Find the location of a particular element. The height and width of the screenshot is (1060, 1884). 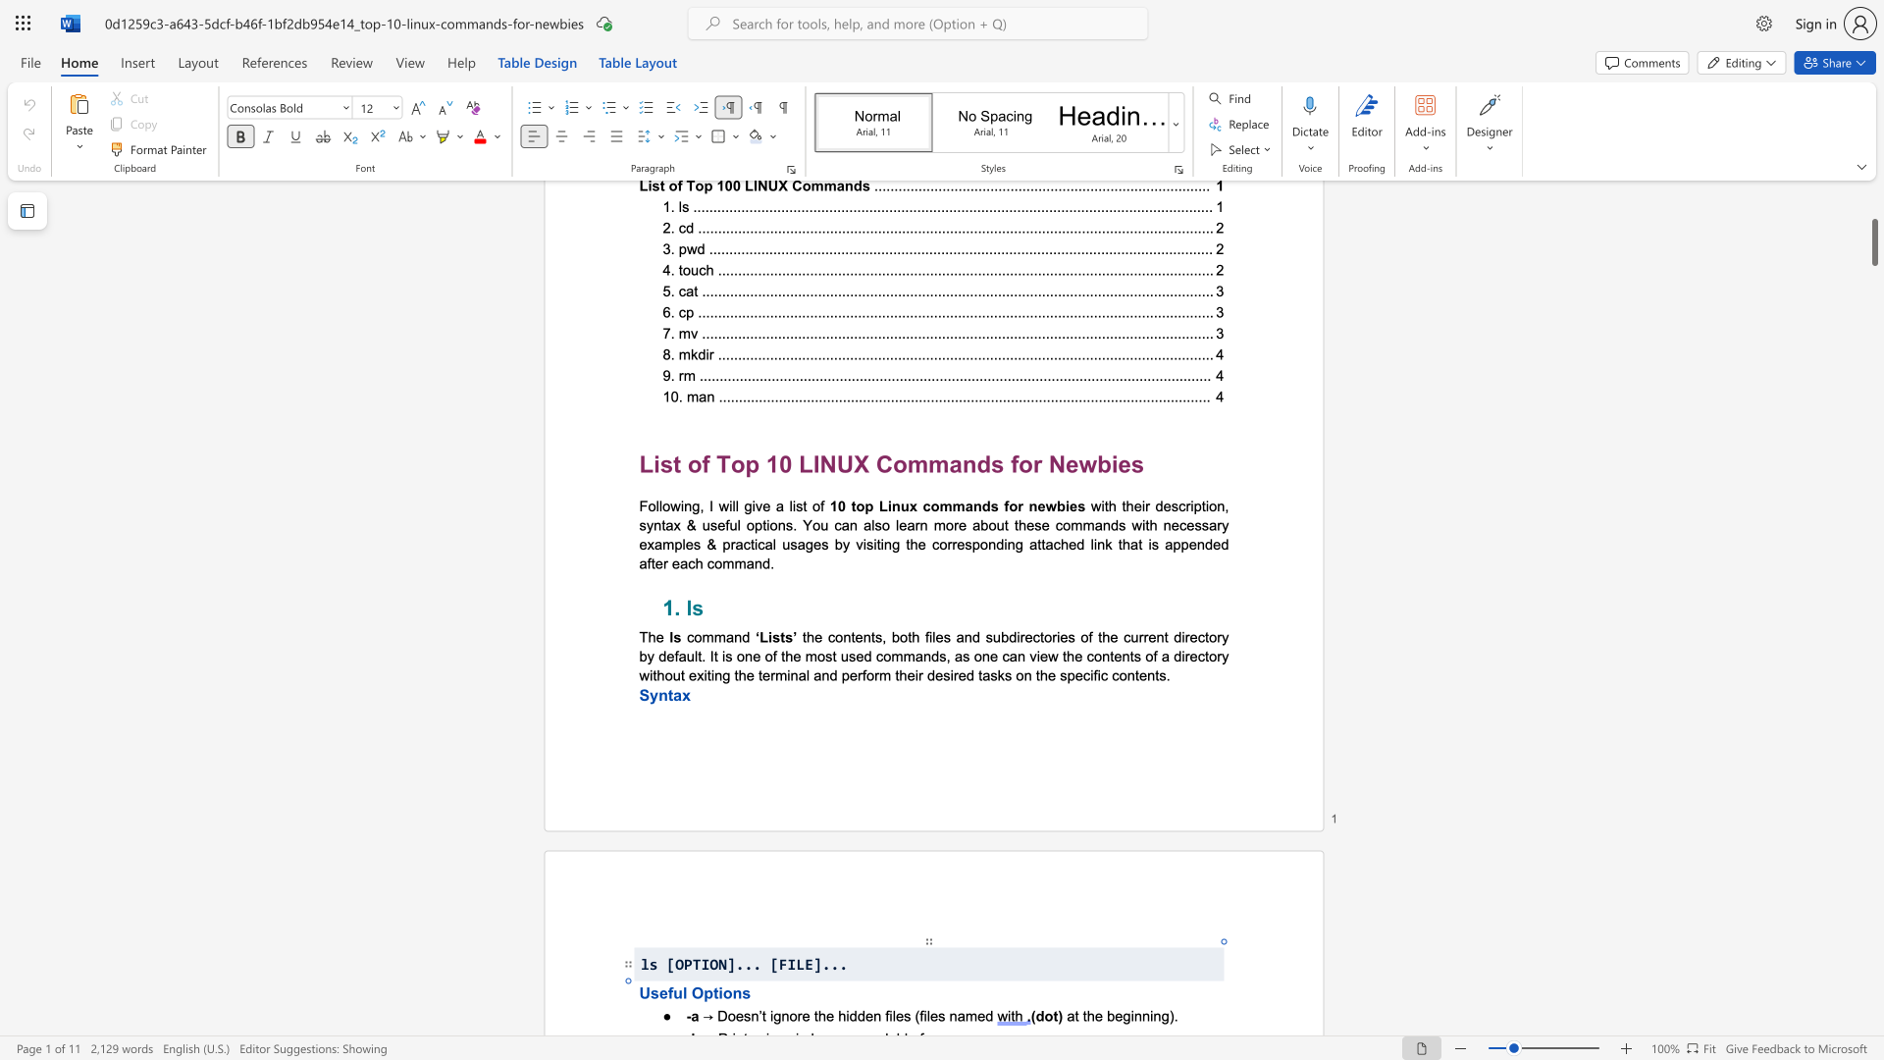

the 2th character "g" in the text is located at coordinates (1165, 1016).